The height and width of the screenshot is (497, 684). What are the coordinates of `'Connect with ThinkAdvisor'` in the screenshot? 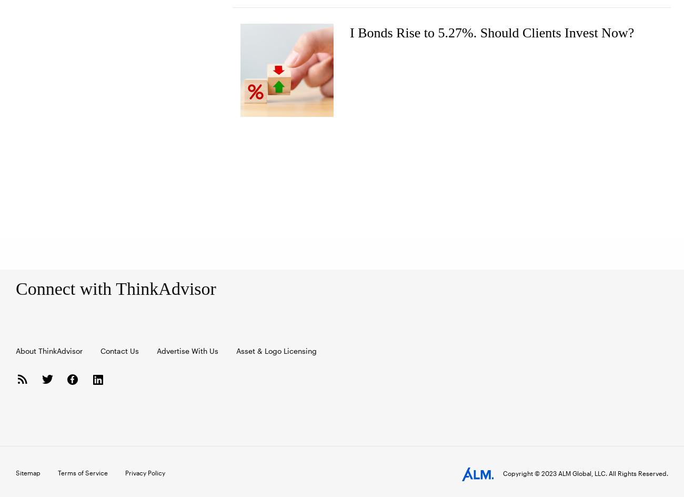 It's located at (115, 287).